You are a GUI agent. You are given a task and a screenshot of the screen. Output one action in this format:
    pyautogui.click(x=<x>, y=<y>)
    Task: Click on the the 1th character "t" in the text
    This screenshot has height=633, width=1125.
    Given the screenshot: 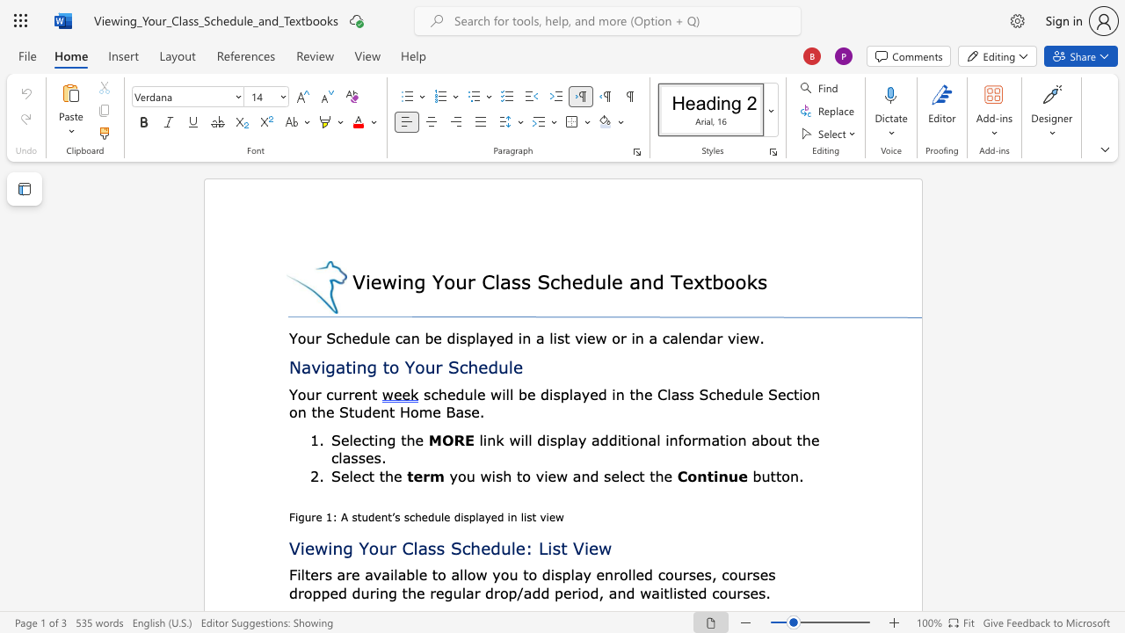 What is the action you would take?
    pyautogui.click(x=374, y=393)
    